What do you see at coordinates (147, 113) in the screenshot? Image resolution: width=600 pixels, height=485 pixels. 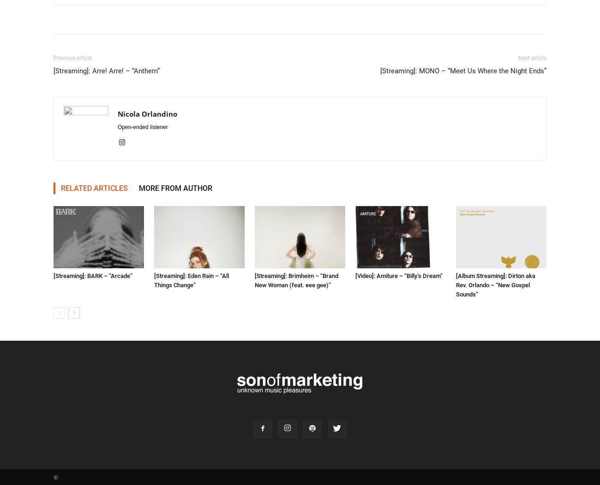 I see `'Nicola Orlandino'` at bounding box center [147, 113].